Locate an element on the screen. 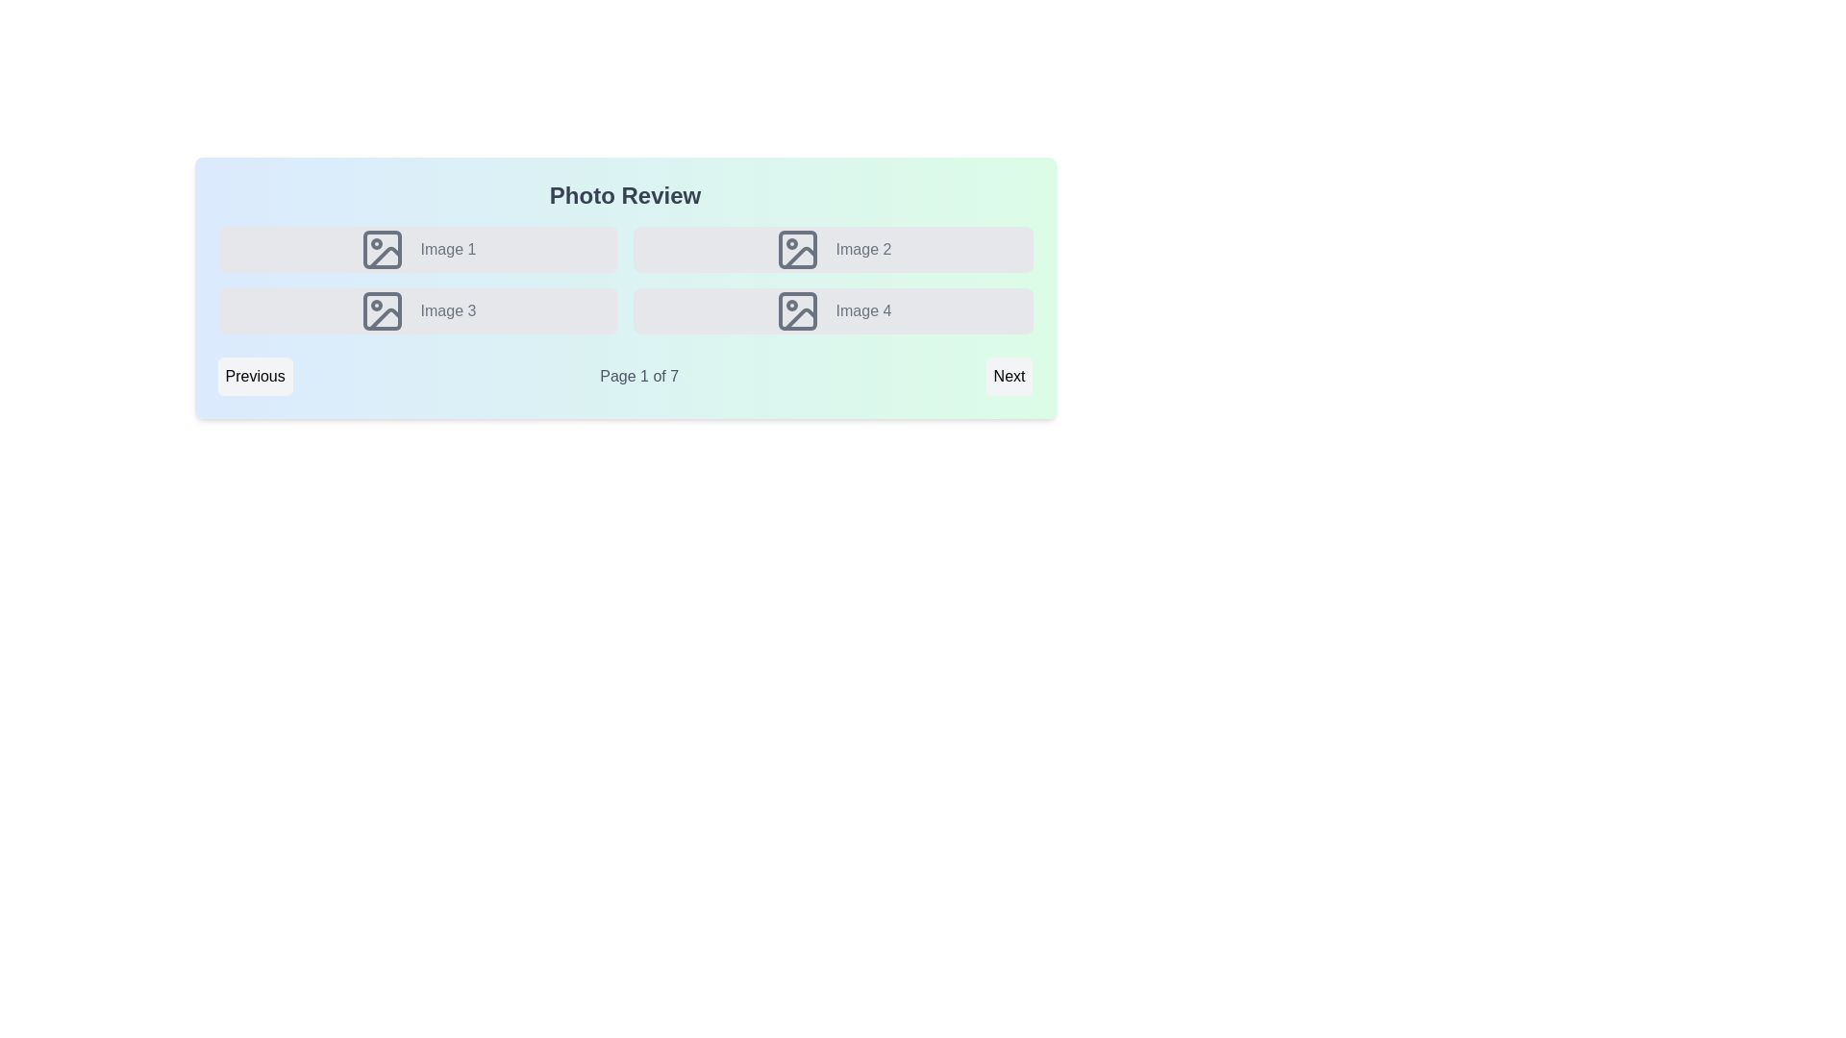 The width and height of the screenshot is (1846, 1038). the 'Image 3' text label is located at coordinates (447, 310).